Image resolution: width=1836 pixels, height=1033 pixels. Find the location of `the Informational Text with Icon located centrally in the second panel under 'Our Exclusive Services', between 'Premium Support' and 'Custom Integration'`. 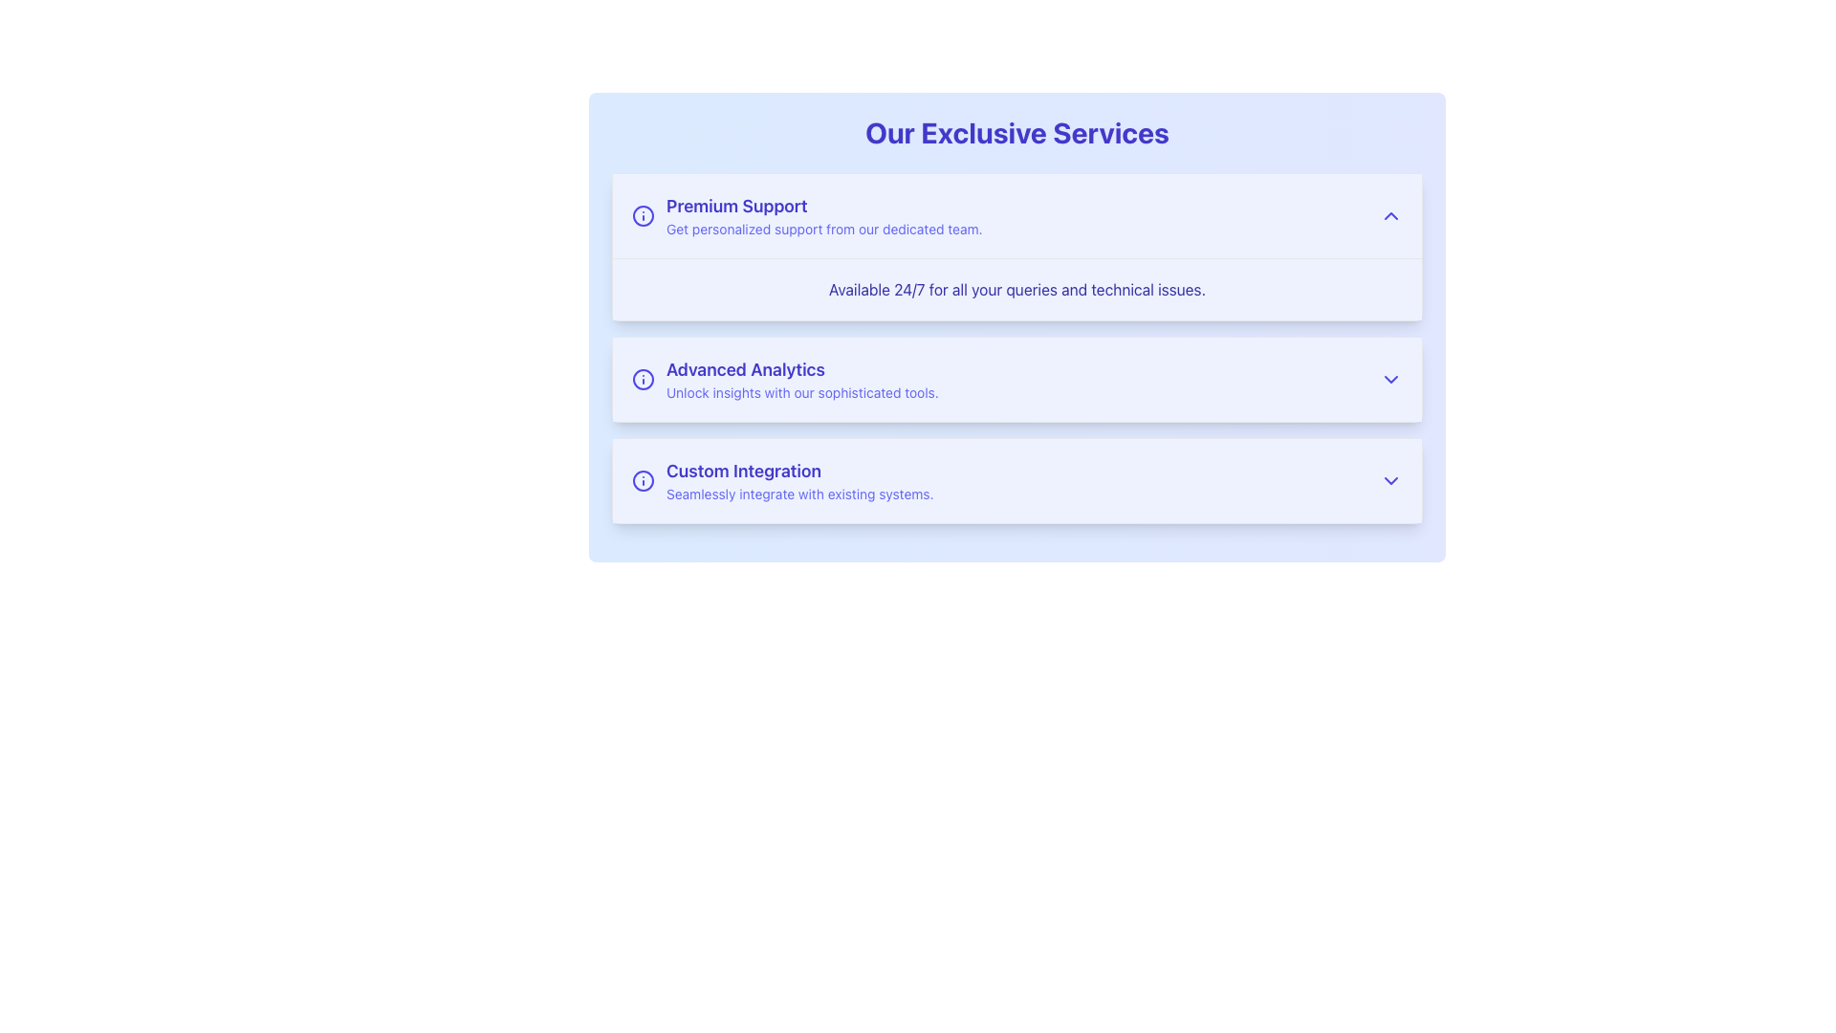

the Informational Text with Icon located centrally in the second panel under 'Our Exclusive Services', between 'Premium Support' and 'Custom Integration' is located at coordinates (785, 380).